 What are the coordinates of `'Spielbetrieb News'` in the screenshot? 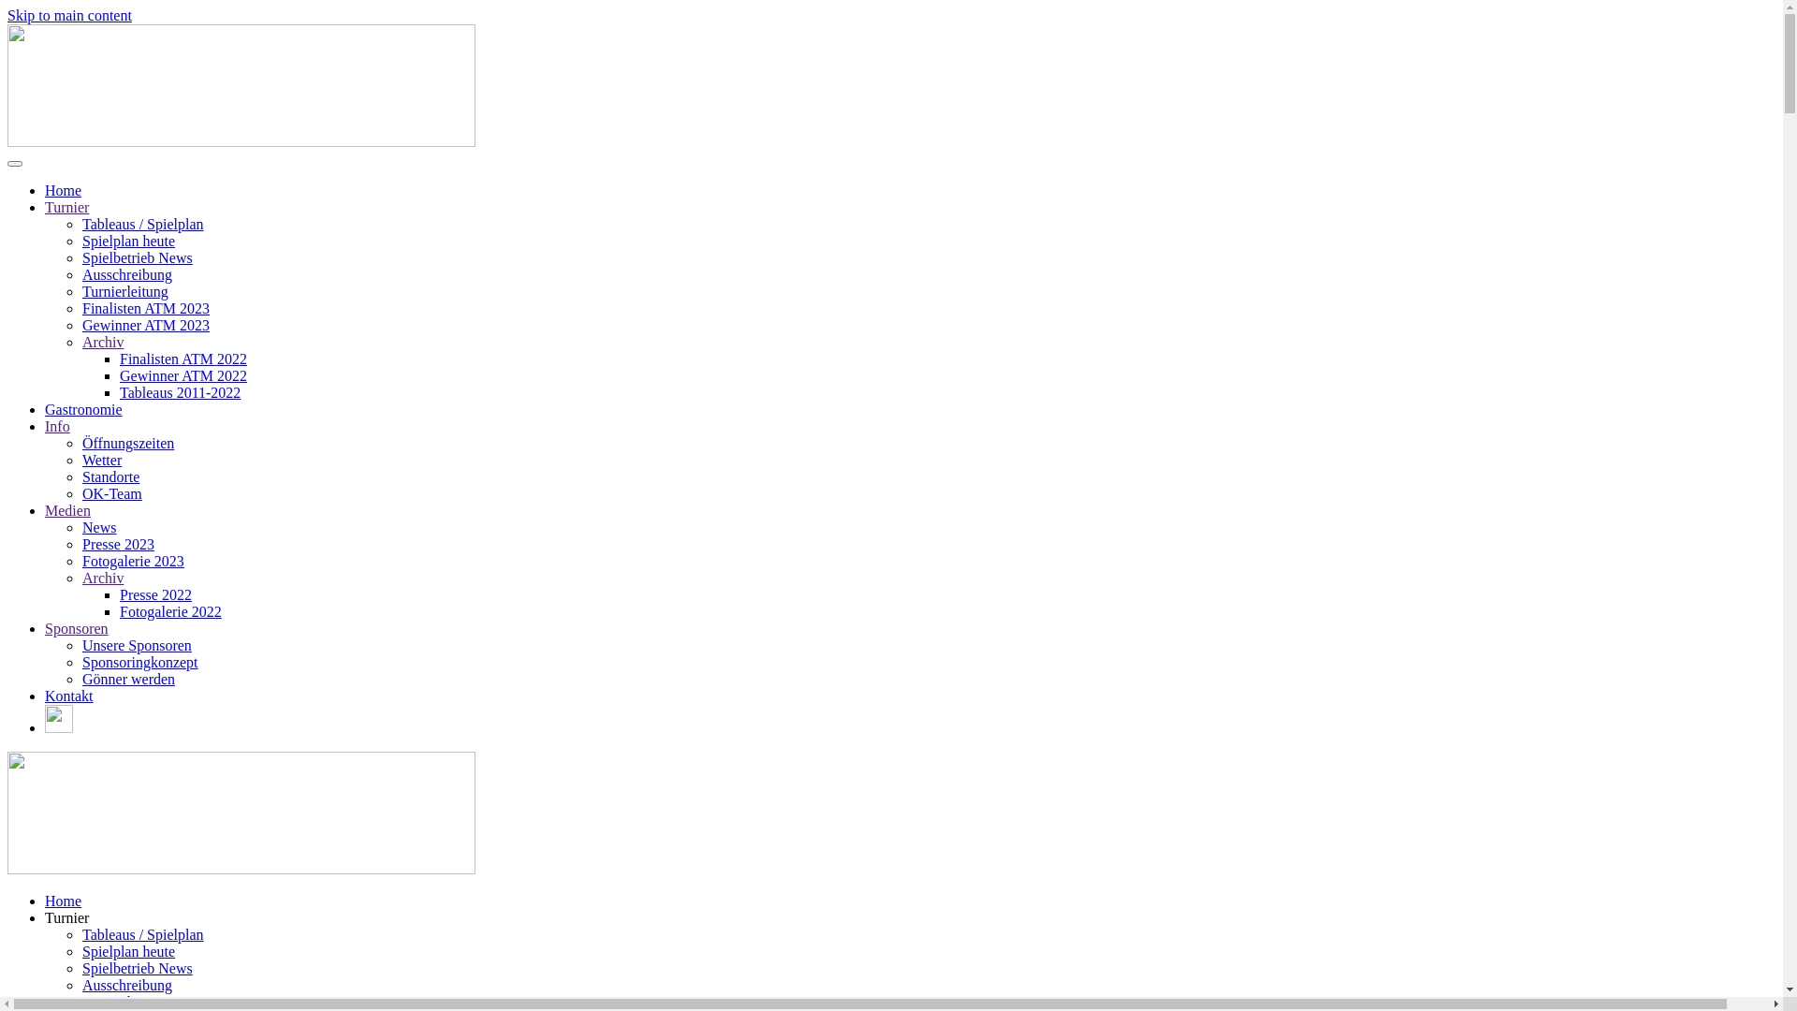 It's located at (137, 968).